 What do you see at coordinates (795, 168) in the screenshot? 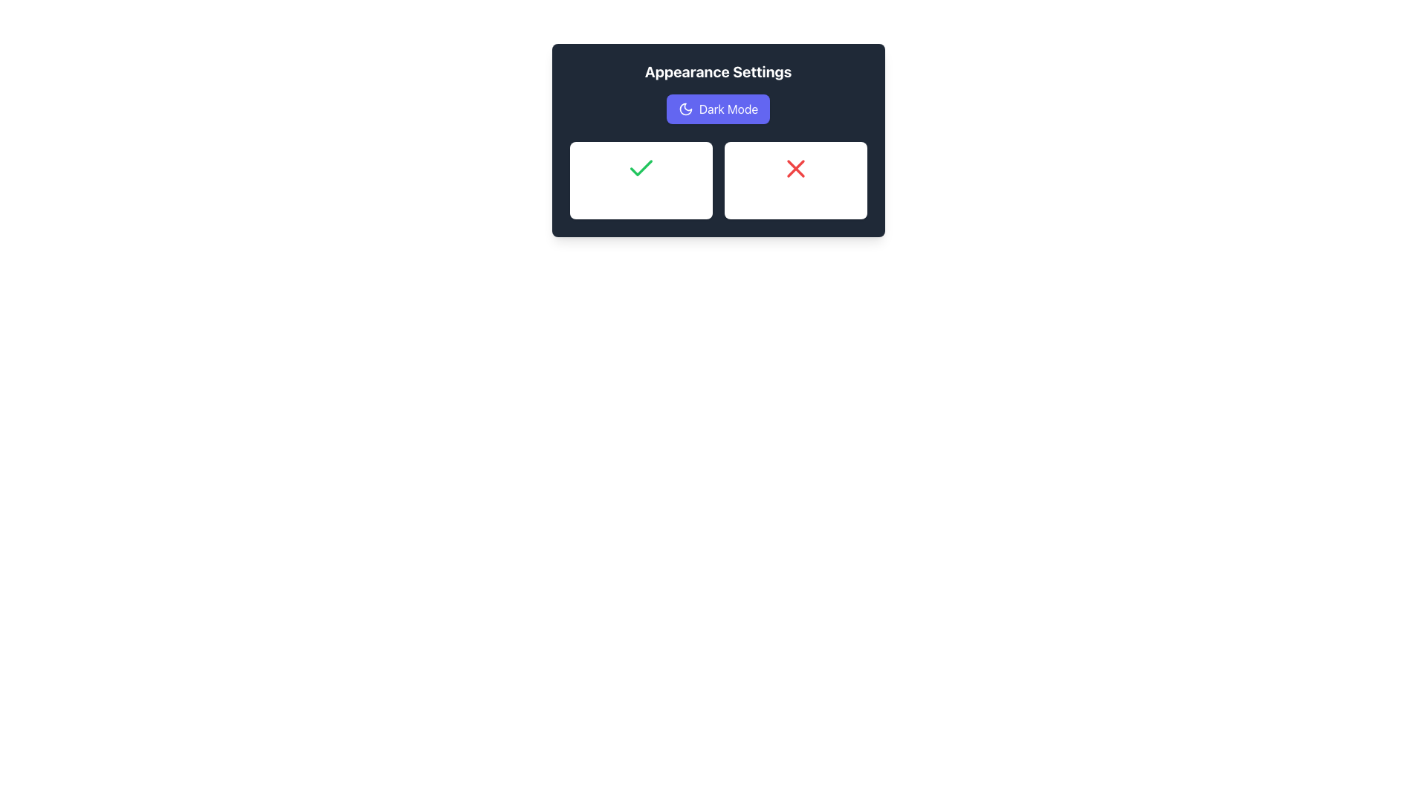
I see `the negative or cancel action icon located on the right side of the horizontal pair beneath the 'Appearance Settings' section to reject or close` at bounding box center [795, 168].